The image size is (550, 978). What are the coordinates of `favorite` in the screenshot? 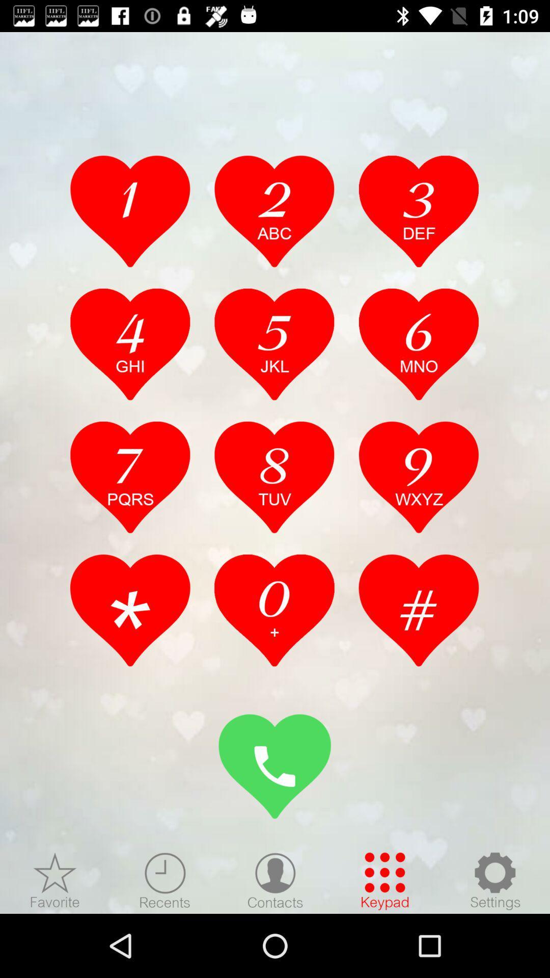 It's located at (55, 880).